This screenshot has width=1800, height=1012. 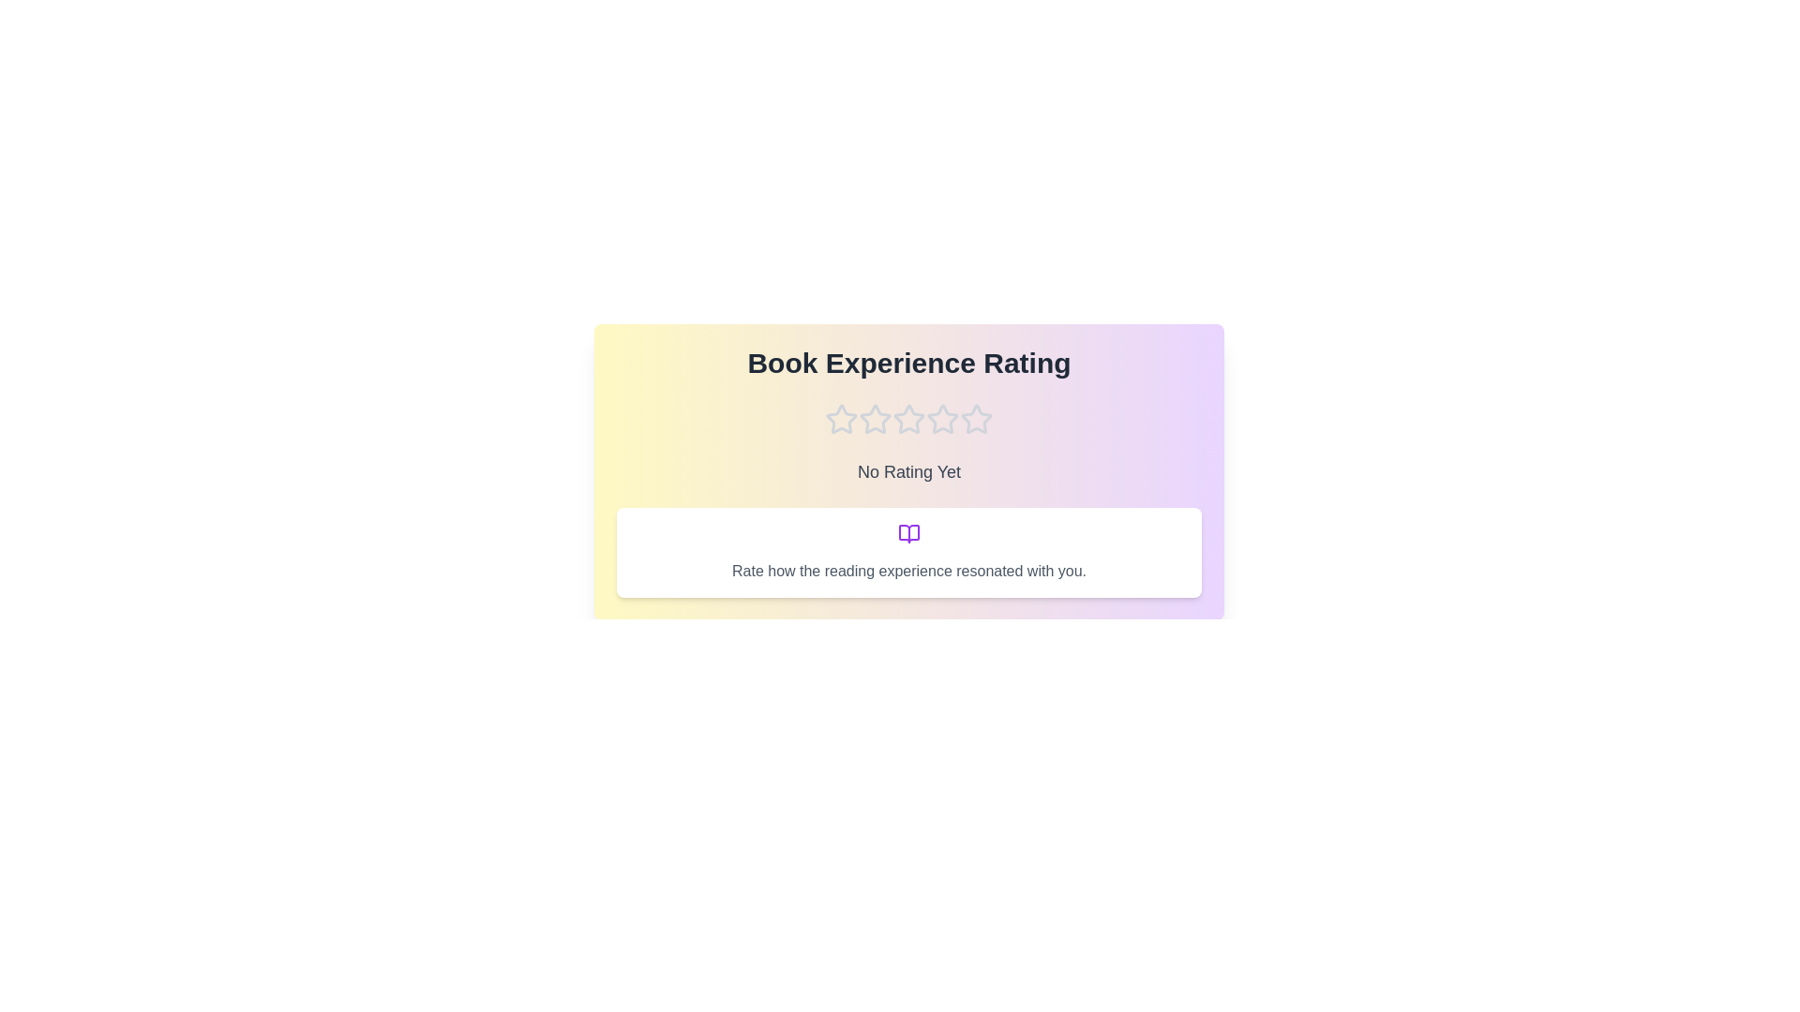 I want to click on the star corresponding to 4 stars to preview the rating description, so click(x=943, y=418).